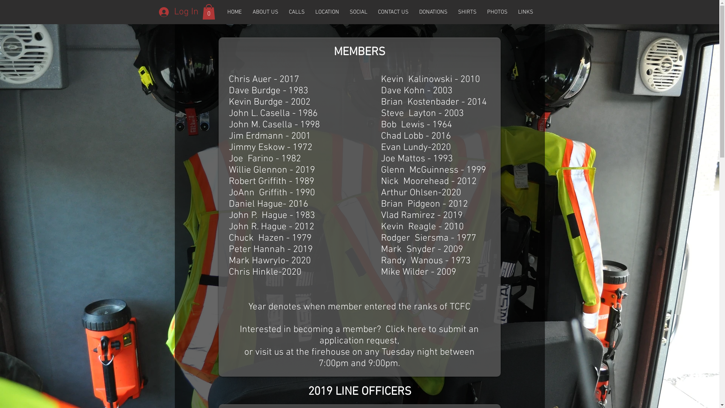 This screenshot has width=725, height=408. Describe the element at coordinates (265, 12) in the screenshot. I see `'ABOUT US'` at that location.